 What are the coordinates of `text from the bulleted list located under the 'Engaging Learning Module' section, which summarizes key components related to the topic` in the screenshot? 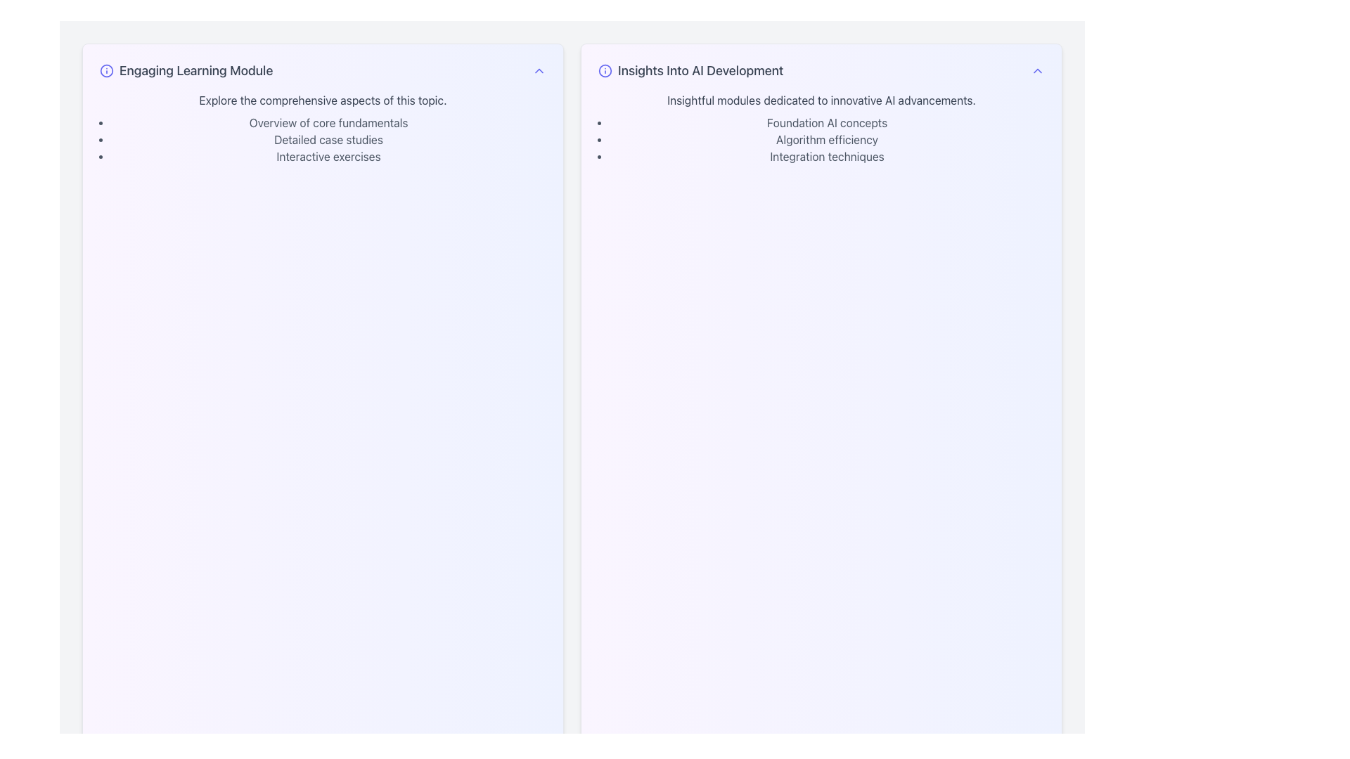 It's located at (328, 140).